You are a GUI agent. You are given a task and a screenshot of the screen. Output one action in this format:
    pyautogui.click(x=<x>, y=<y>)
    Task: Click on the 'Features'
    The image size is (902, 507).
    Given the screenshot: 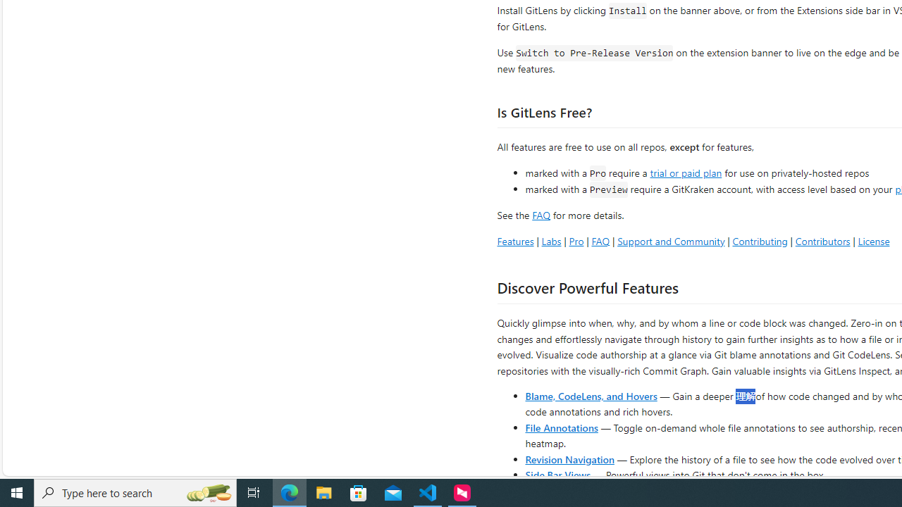 What is the action you would take?
    pyautogui.click(x=514, y=240)
    